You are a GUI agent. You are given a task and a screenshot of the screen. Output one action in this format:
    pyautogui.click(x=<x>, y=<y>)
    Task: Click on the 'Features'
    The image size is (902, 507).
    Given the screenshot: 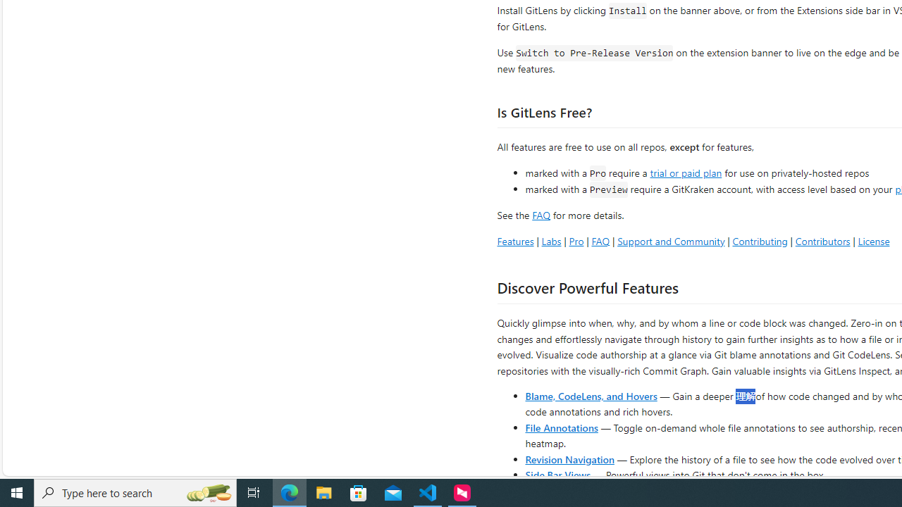 What is the action you would take?
    pyautogui.click(x=514, y=240)
    